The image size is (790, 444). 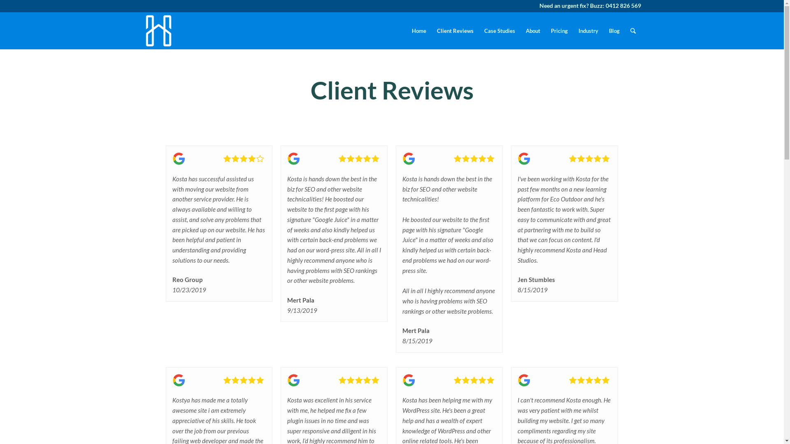 What do you see at coordinates (519, 30) in the screenshot?
I see `'About'` at bounding box center [519, 30].